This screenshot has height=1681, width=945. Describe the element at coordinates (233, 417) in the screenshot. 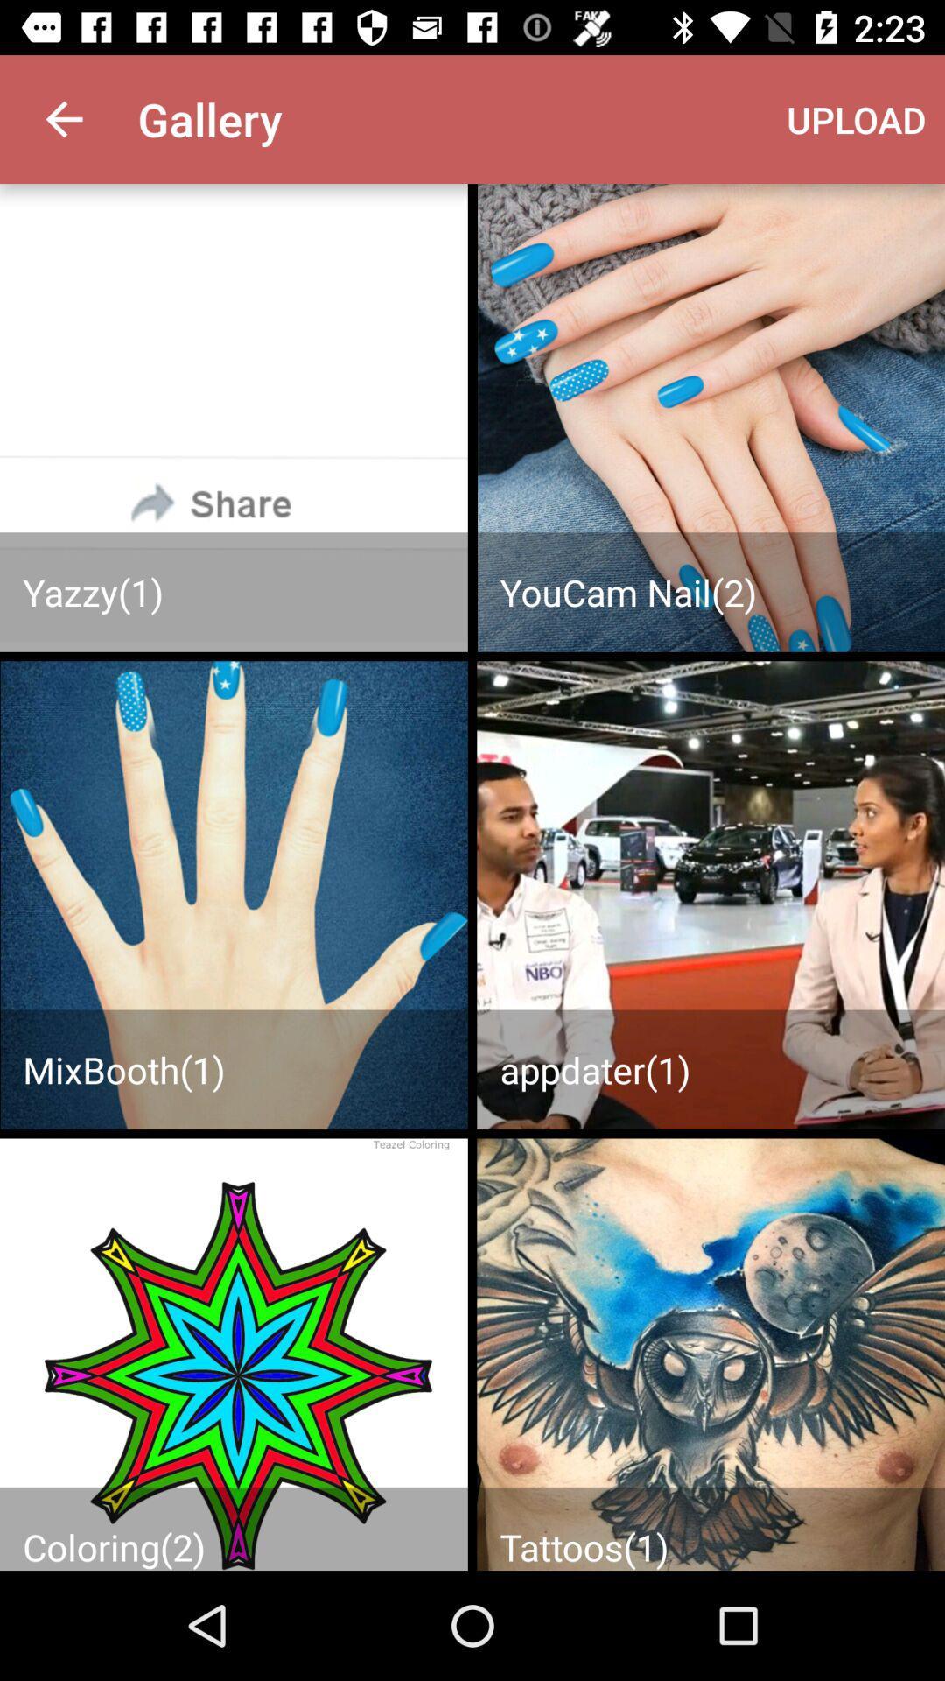

I see `previous` at that location.